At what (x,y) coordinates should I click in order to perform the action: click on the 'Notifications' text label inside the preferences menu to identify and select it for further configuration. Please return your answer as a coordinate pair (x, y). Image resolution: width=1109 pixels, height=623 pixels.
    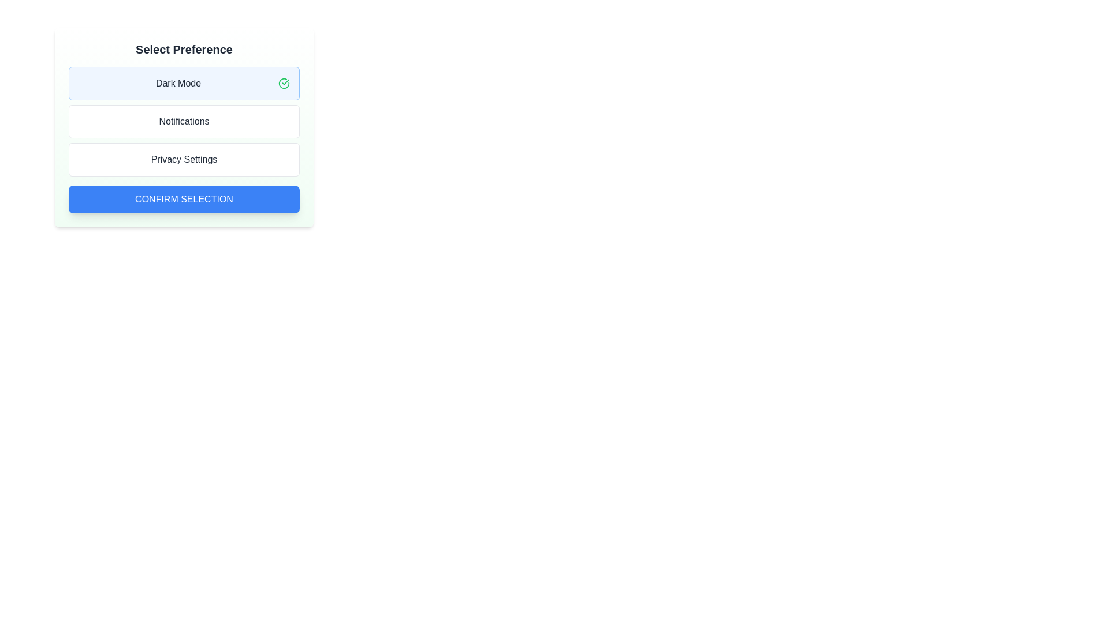
    Looking at the image, I should click on (183, 122).